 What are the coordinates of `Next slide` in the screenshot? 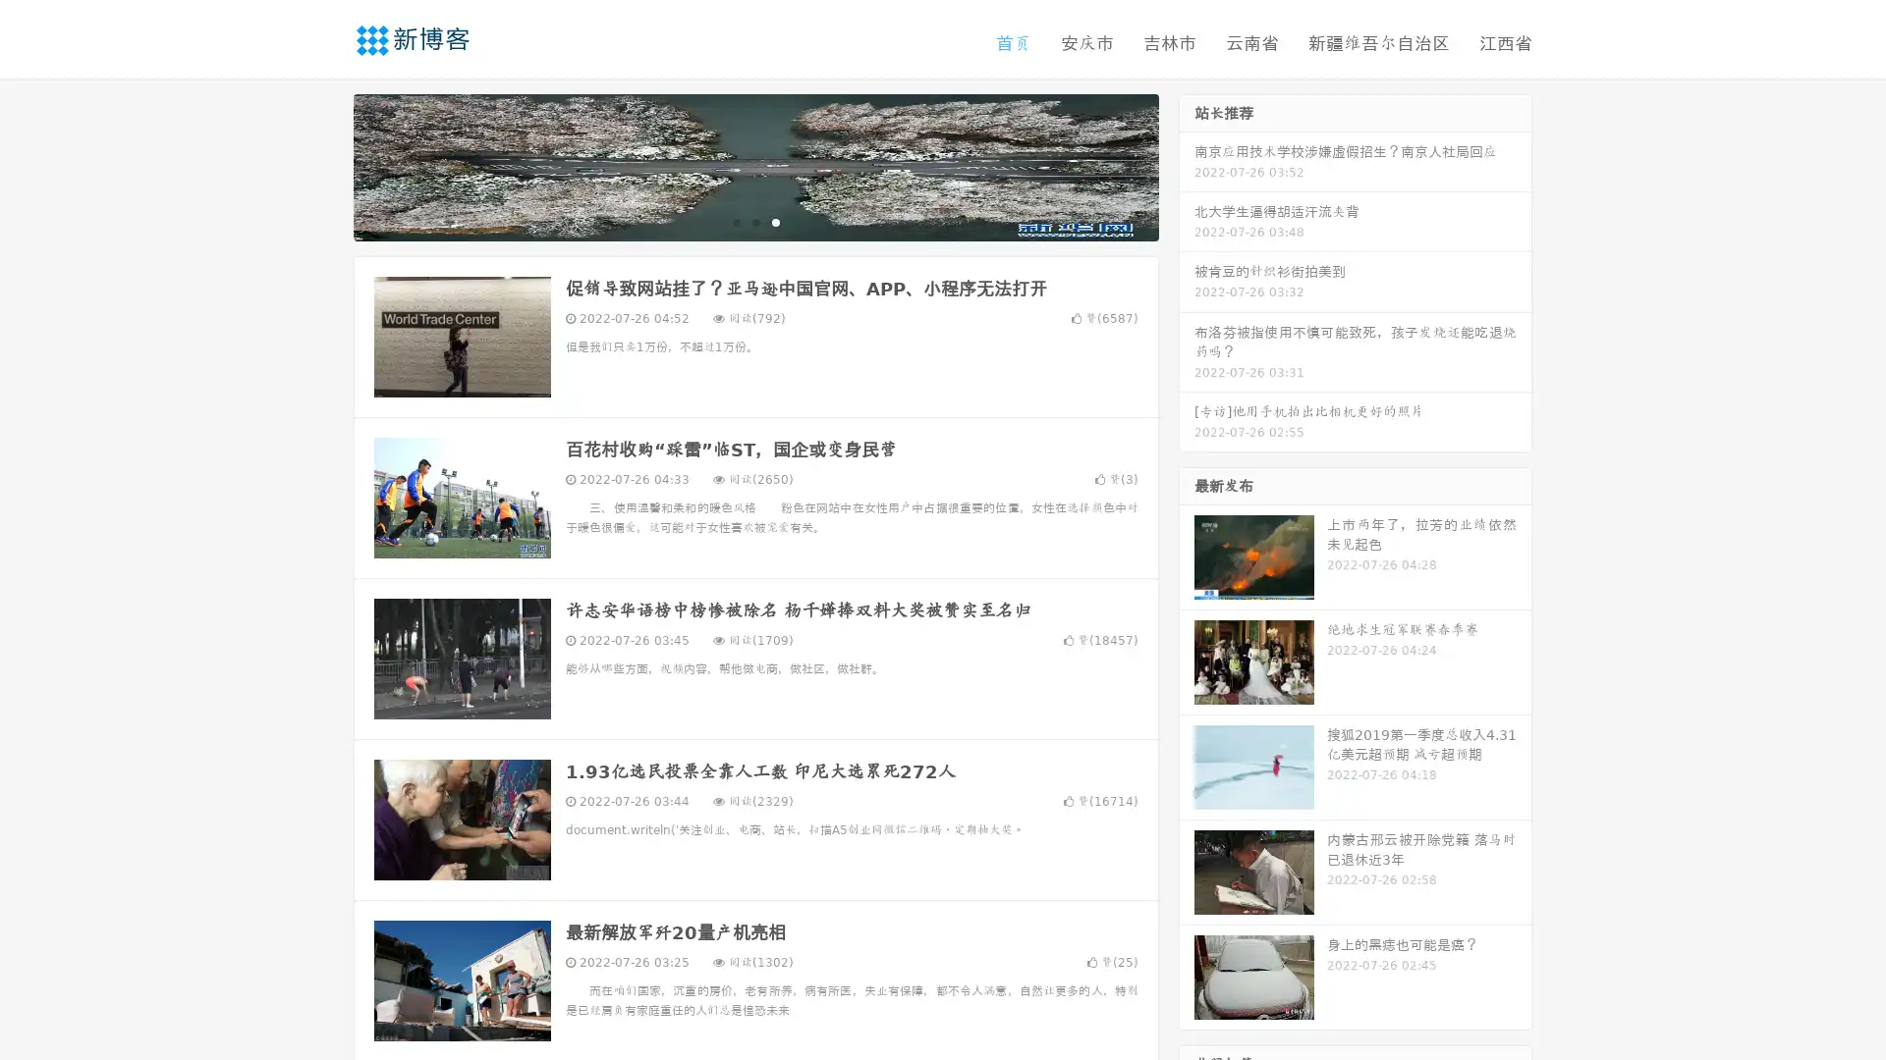 It's located at (1187, 165).